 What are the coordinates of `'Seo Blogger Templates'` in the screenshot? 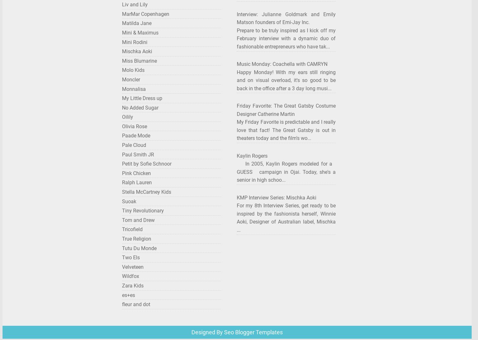 It's located at (253, 332).